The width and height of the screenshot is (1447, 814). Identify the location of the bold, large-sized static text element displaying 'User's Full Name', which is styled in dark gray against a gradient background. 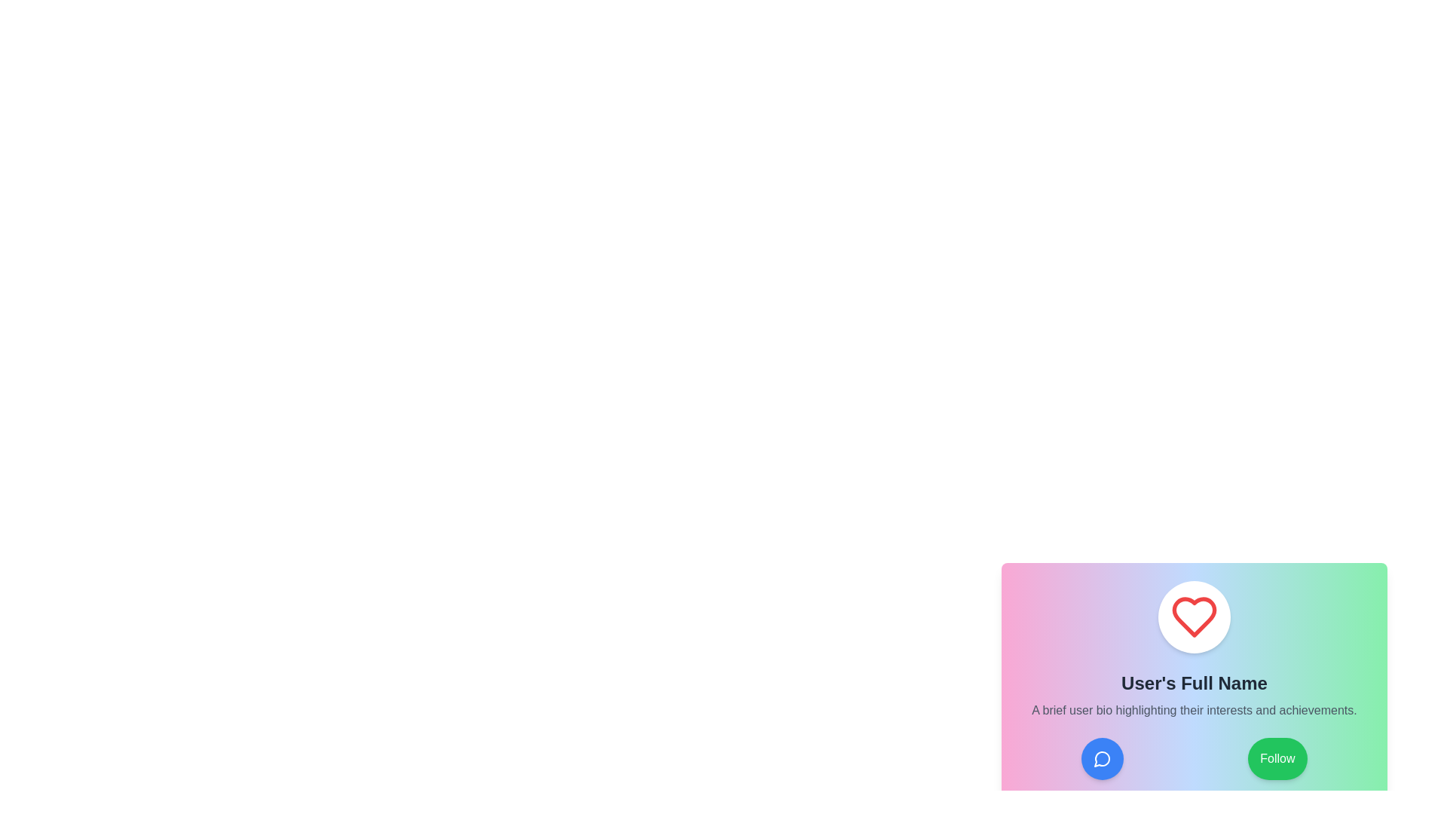
(1193, 683).